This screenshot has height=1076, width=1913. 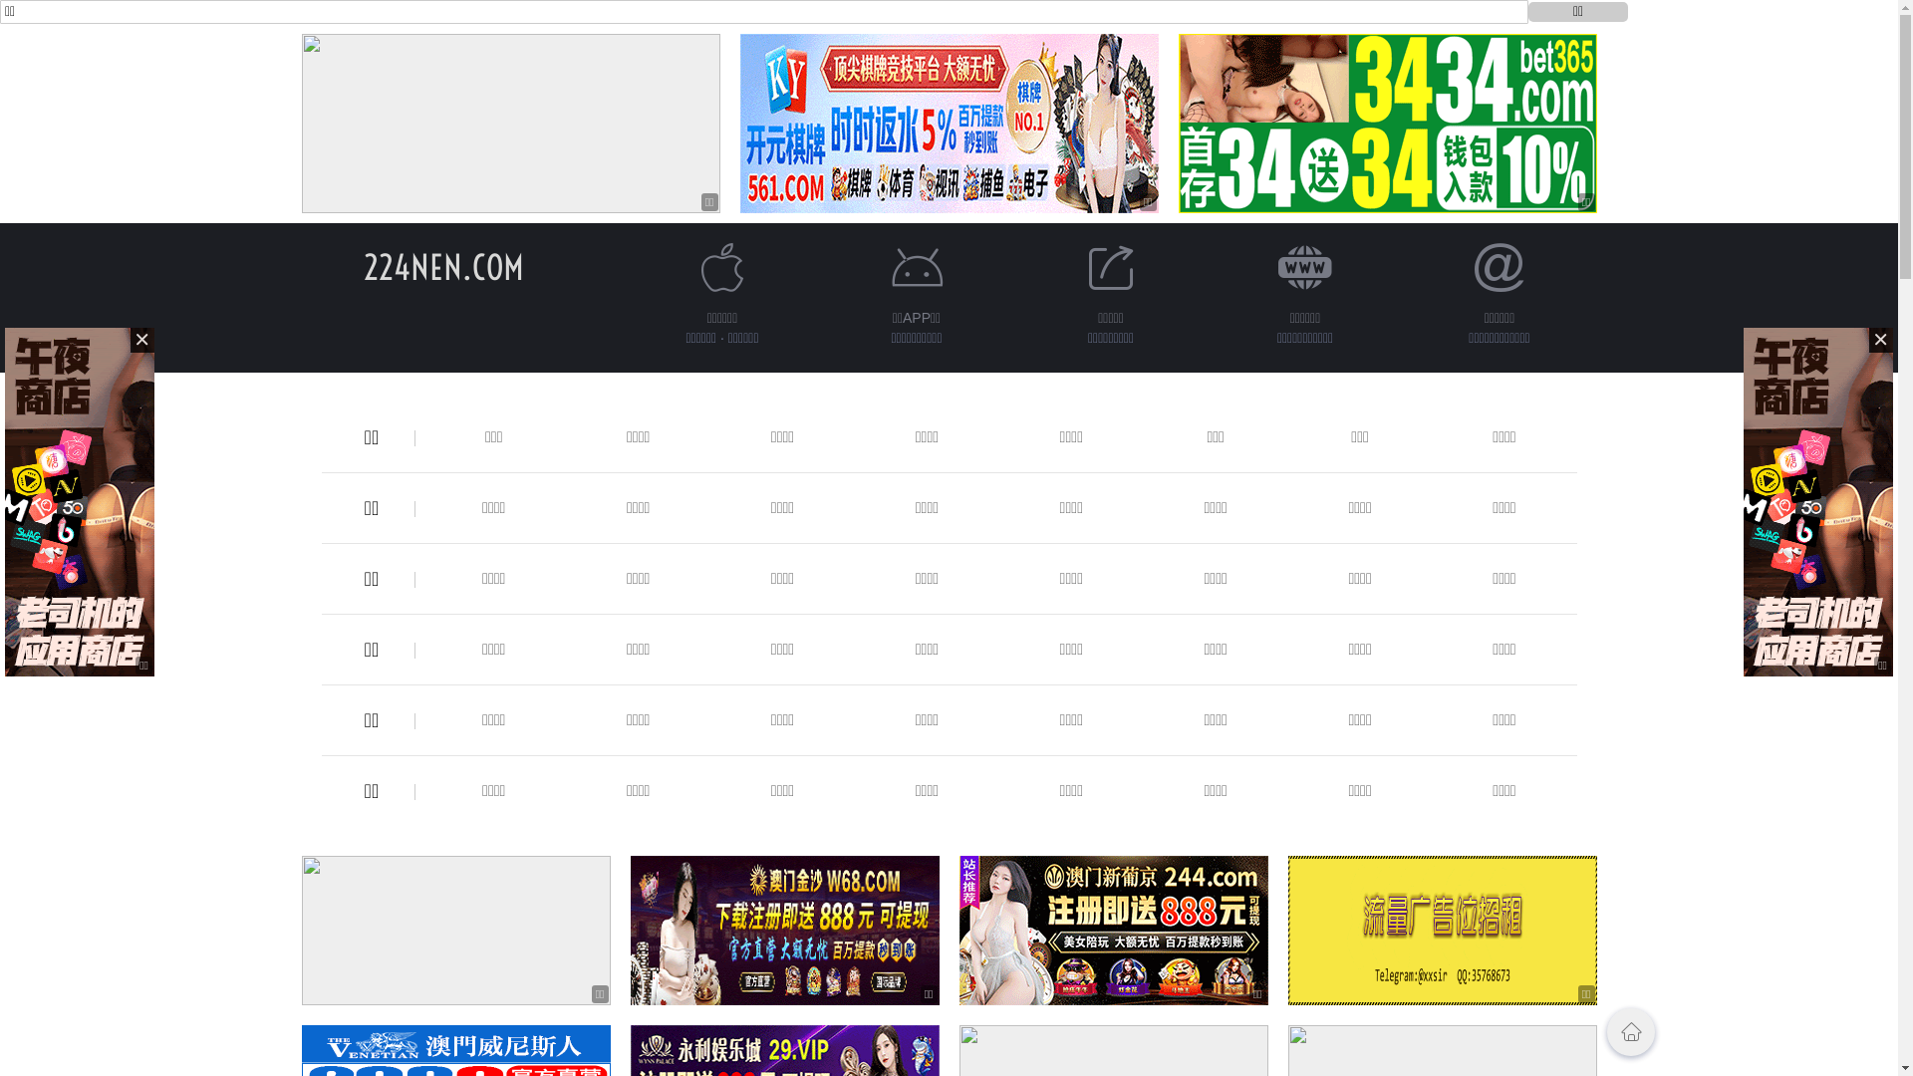 I want to click on '224NEN.COM', so click(x=442, y=266).